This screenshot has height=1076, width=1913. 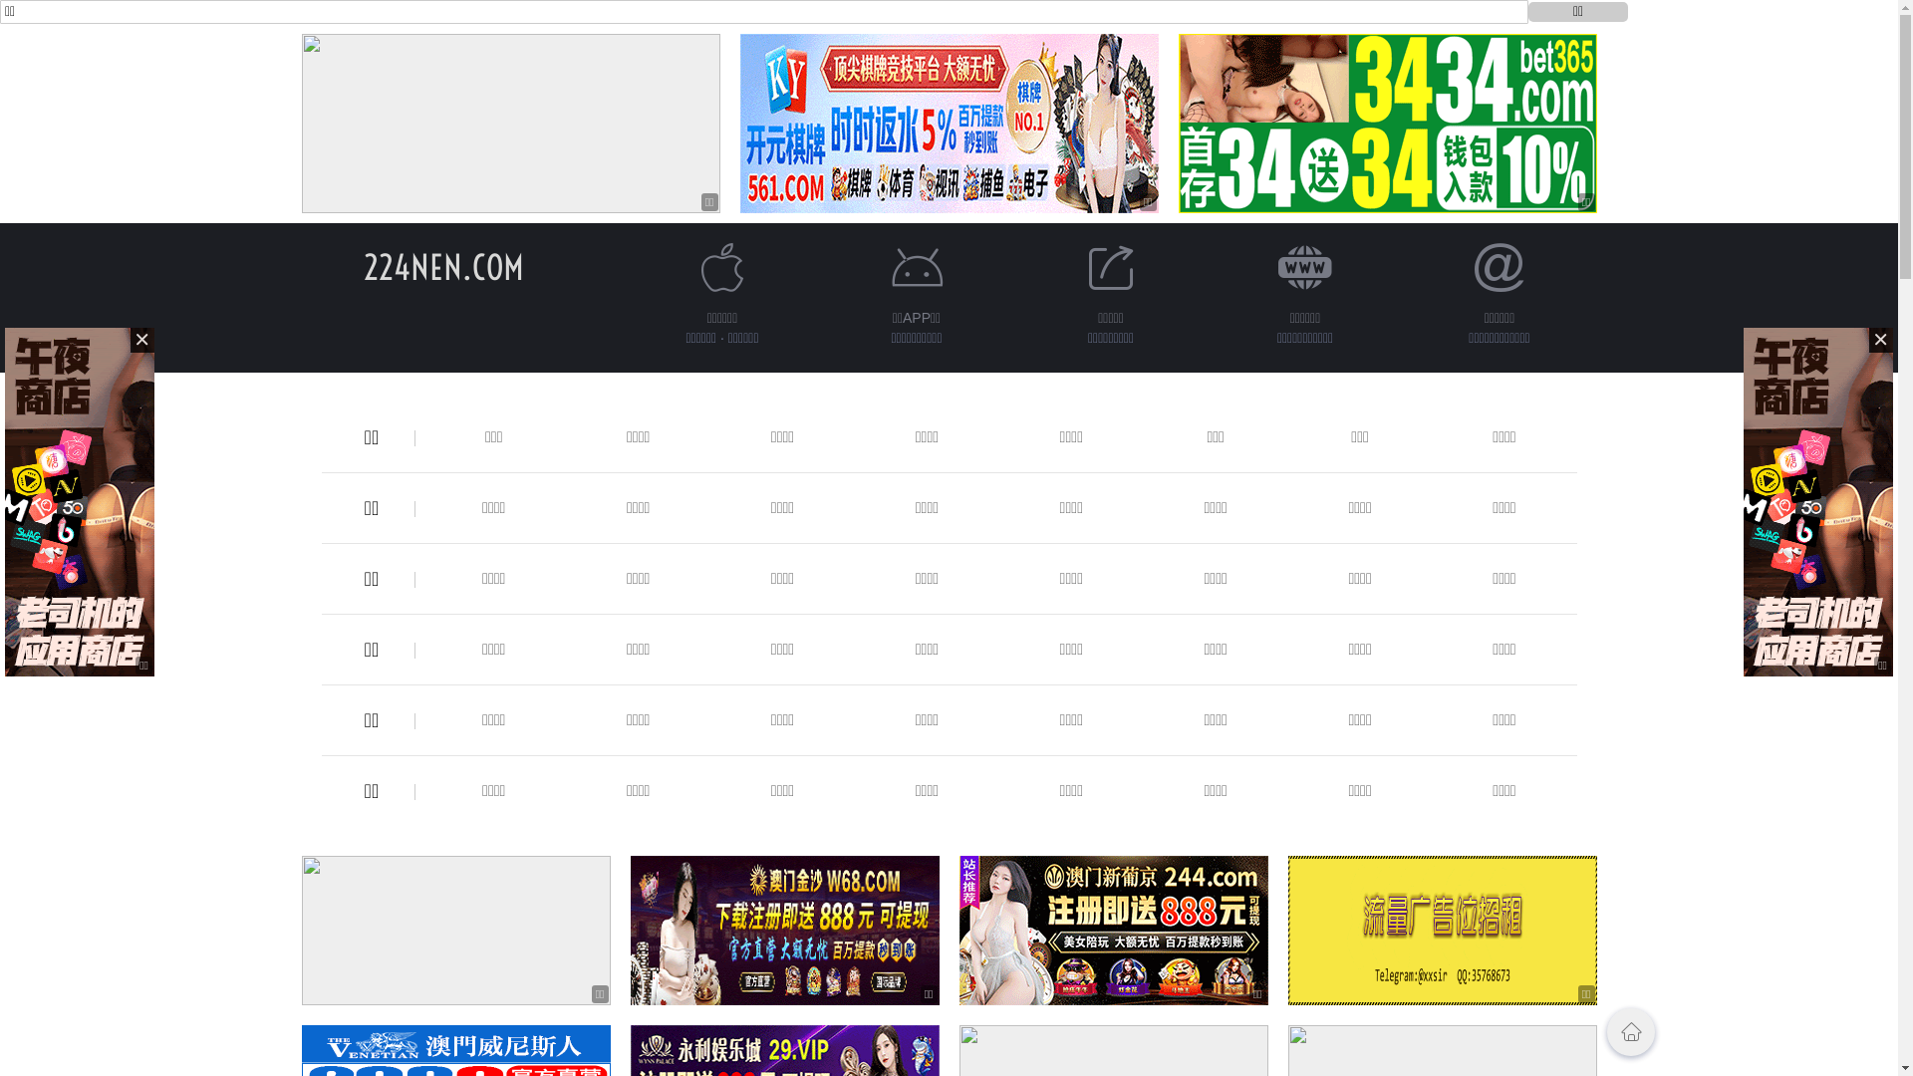 I want to click on '224NEN.COM', so click(x=442, y=266).